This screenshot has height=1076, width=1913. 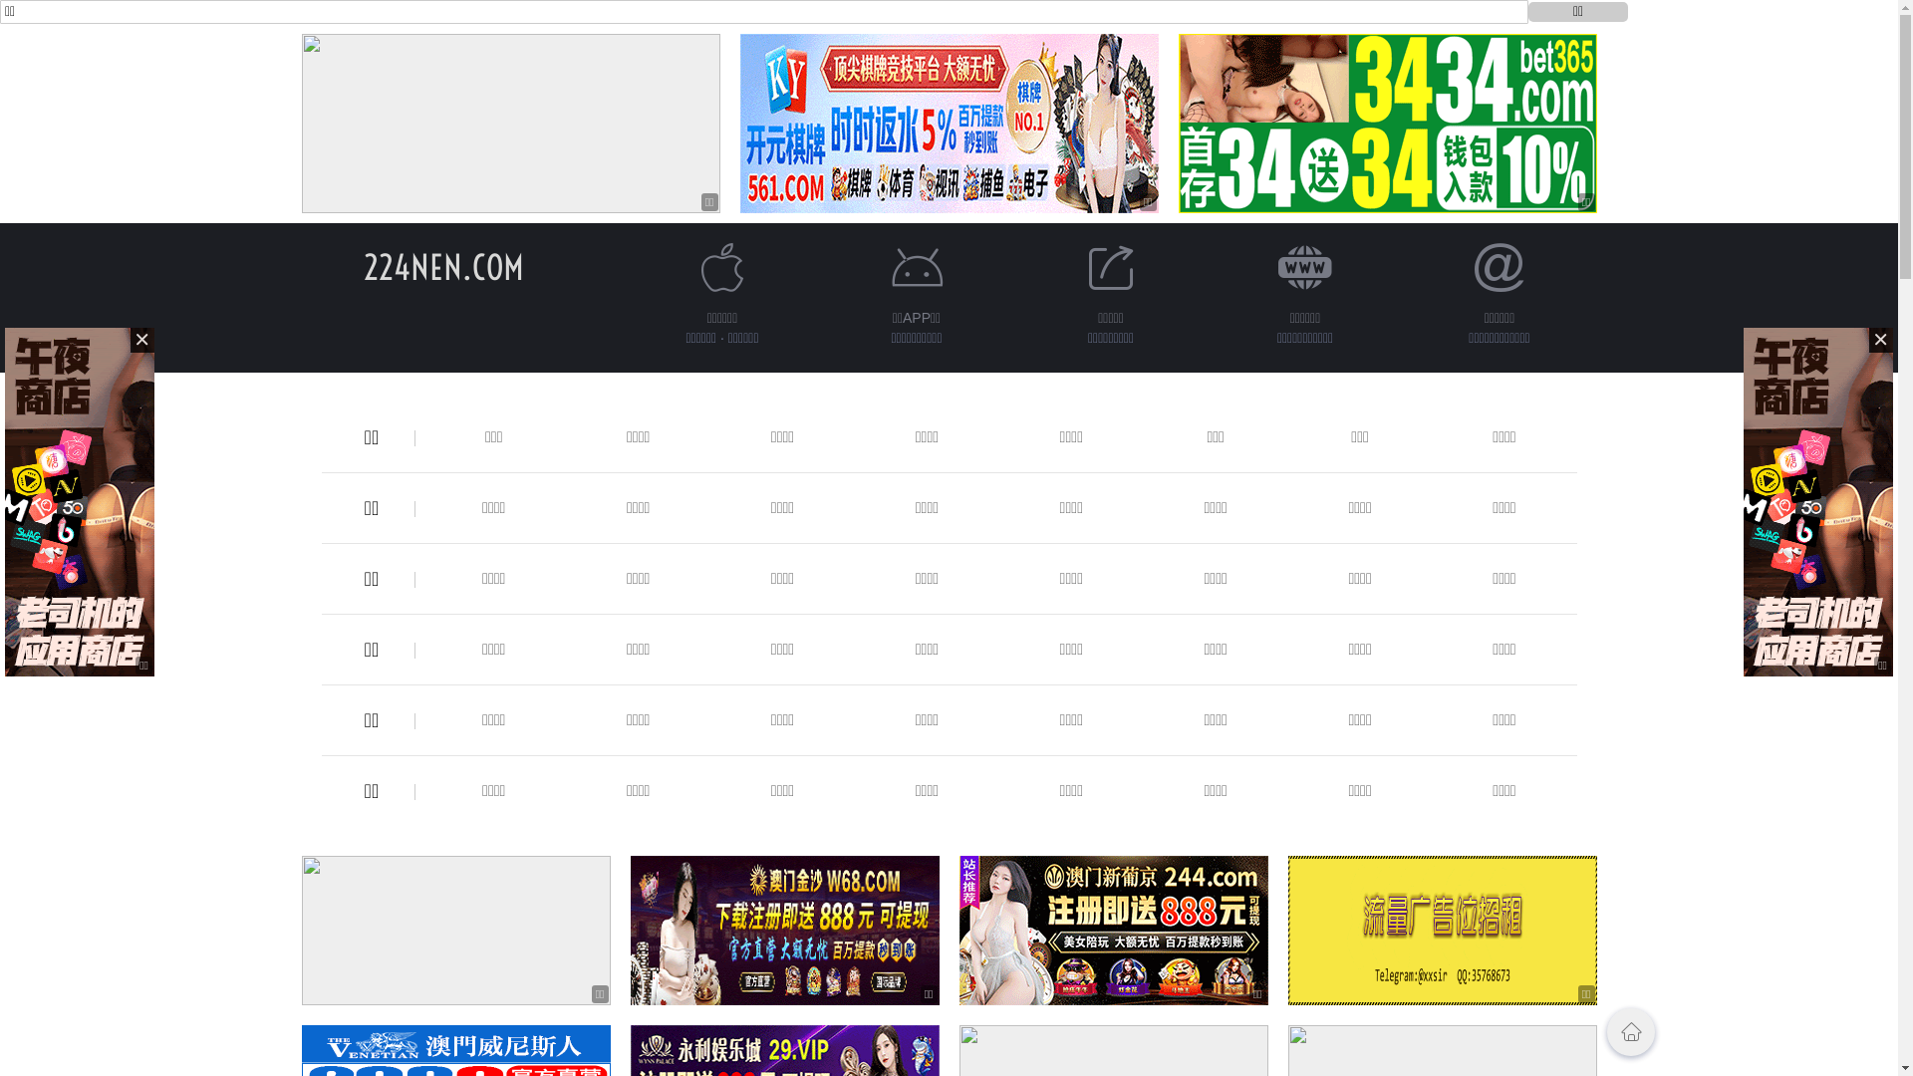 I want to click on '224NEN.COM', so click(x=442, y=266).